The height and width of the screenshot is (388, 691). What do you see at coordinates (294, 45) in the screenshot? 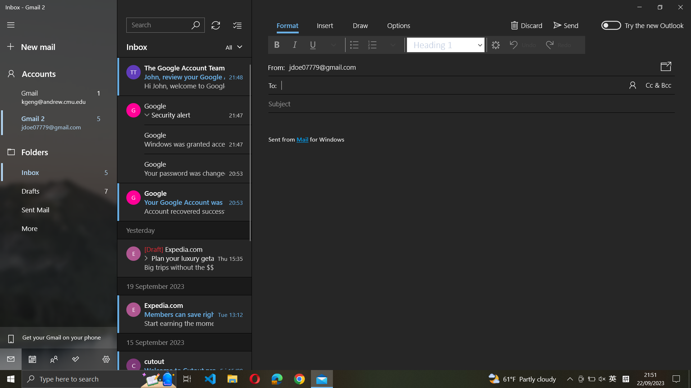
I see `the text italic` at bounding box center [294, 45].